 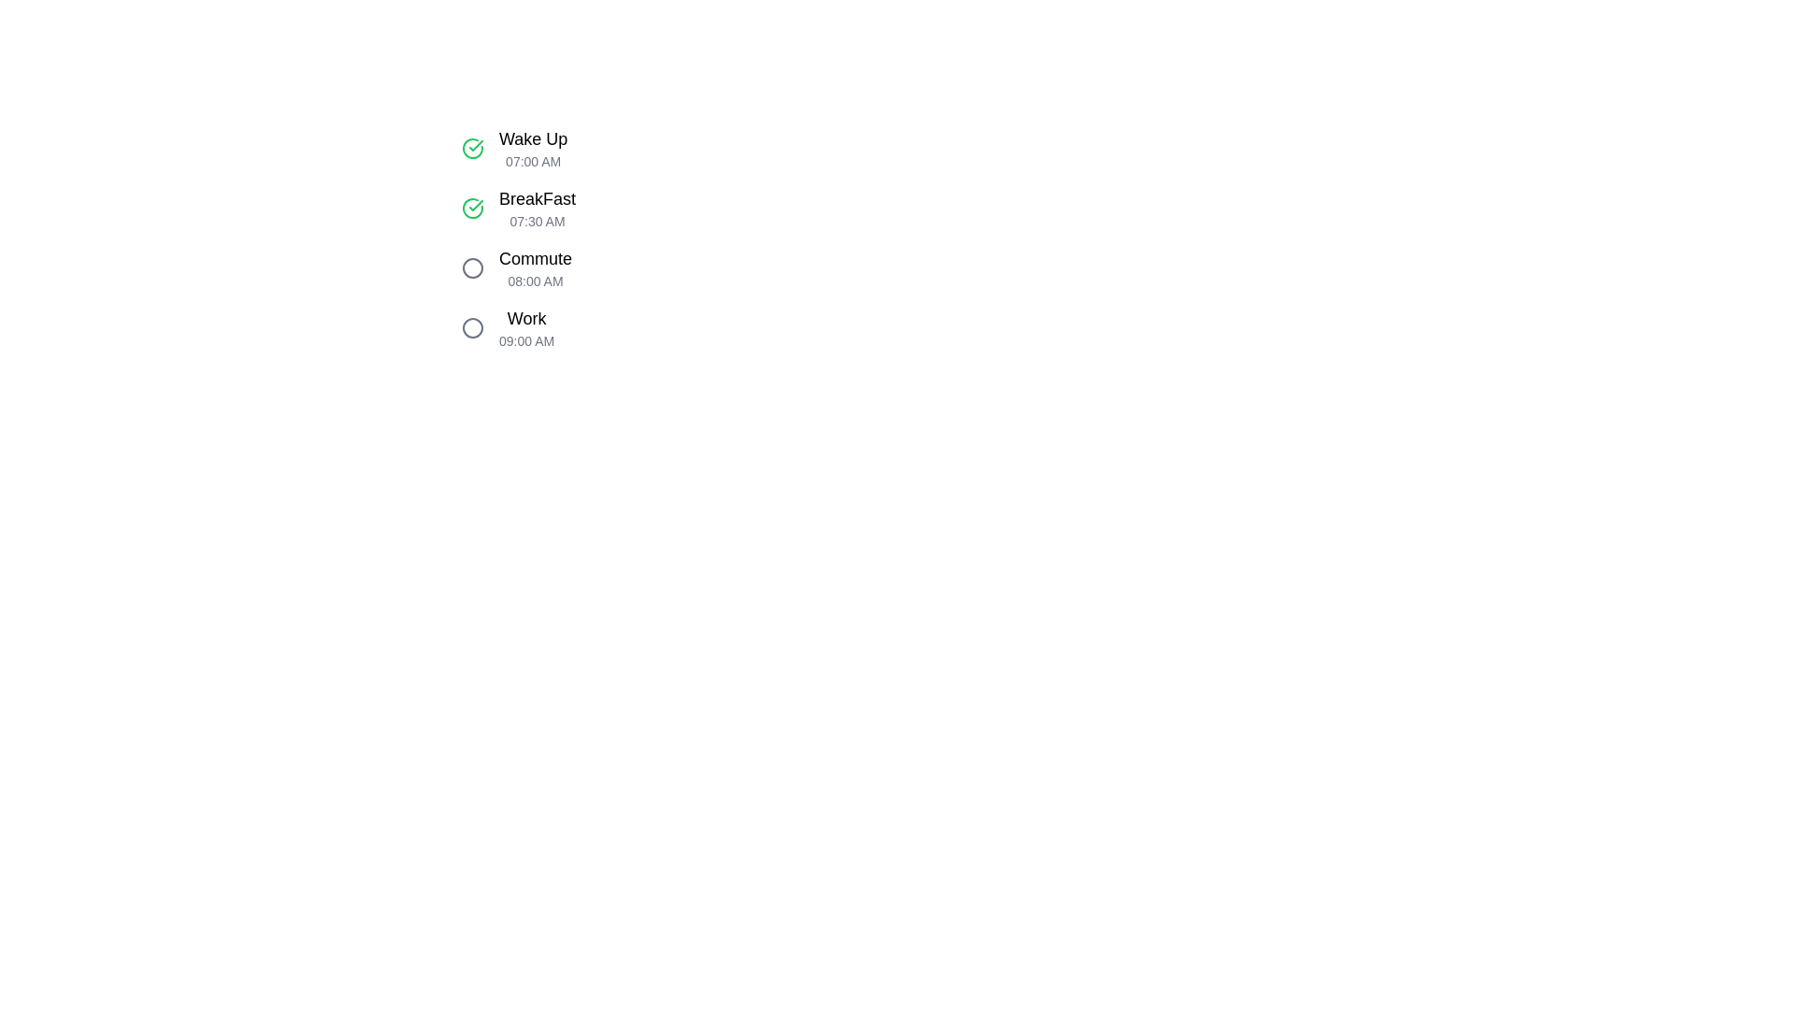 I want to click on the status icon for the 'Work' task, which is located to the left of the text 'Work' and is the fourth icon, so click(x=472, y=327).